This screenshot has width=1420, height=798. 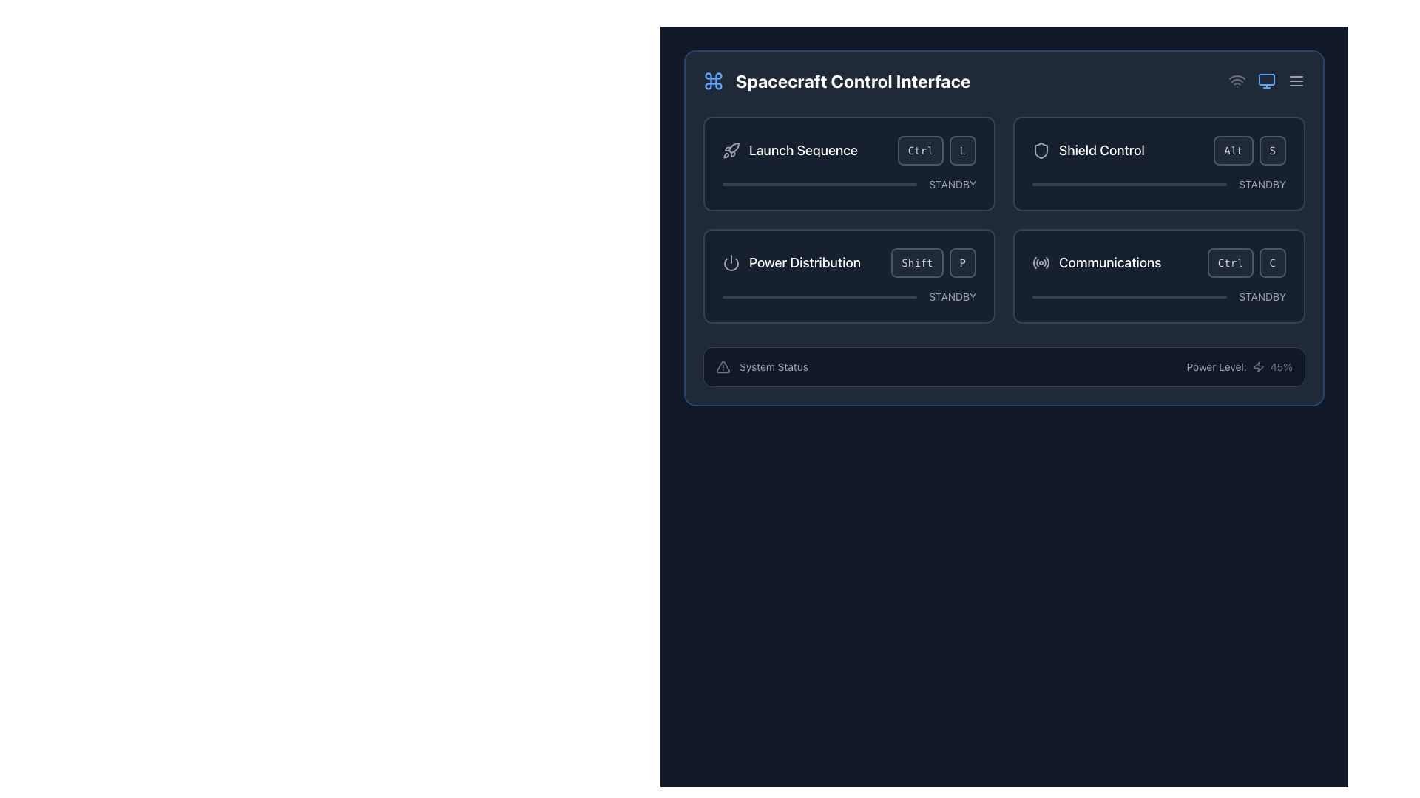 I want to click on the Status indicator or progress bar that currently indicates a 'STANDBY' status, located directly below the 'Launch Sequence' label, so click(x=849, y=184).